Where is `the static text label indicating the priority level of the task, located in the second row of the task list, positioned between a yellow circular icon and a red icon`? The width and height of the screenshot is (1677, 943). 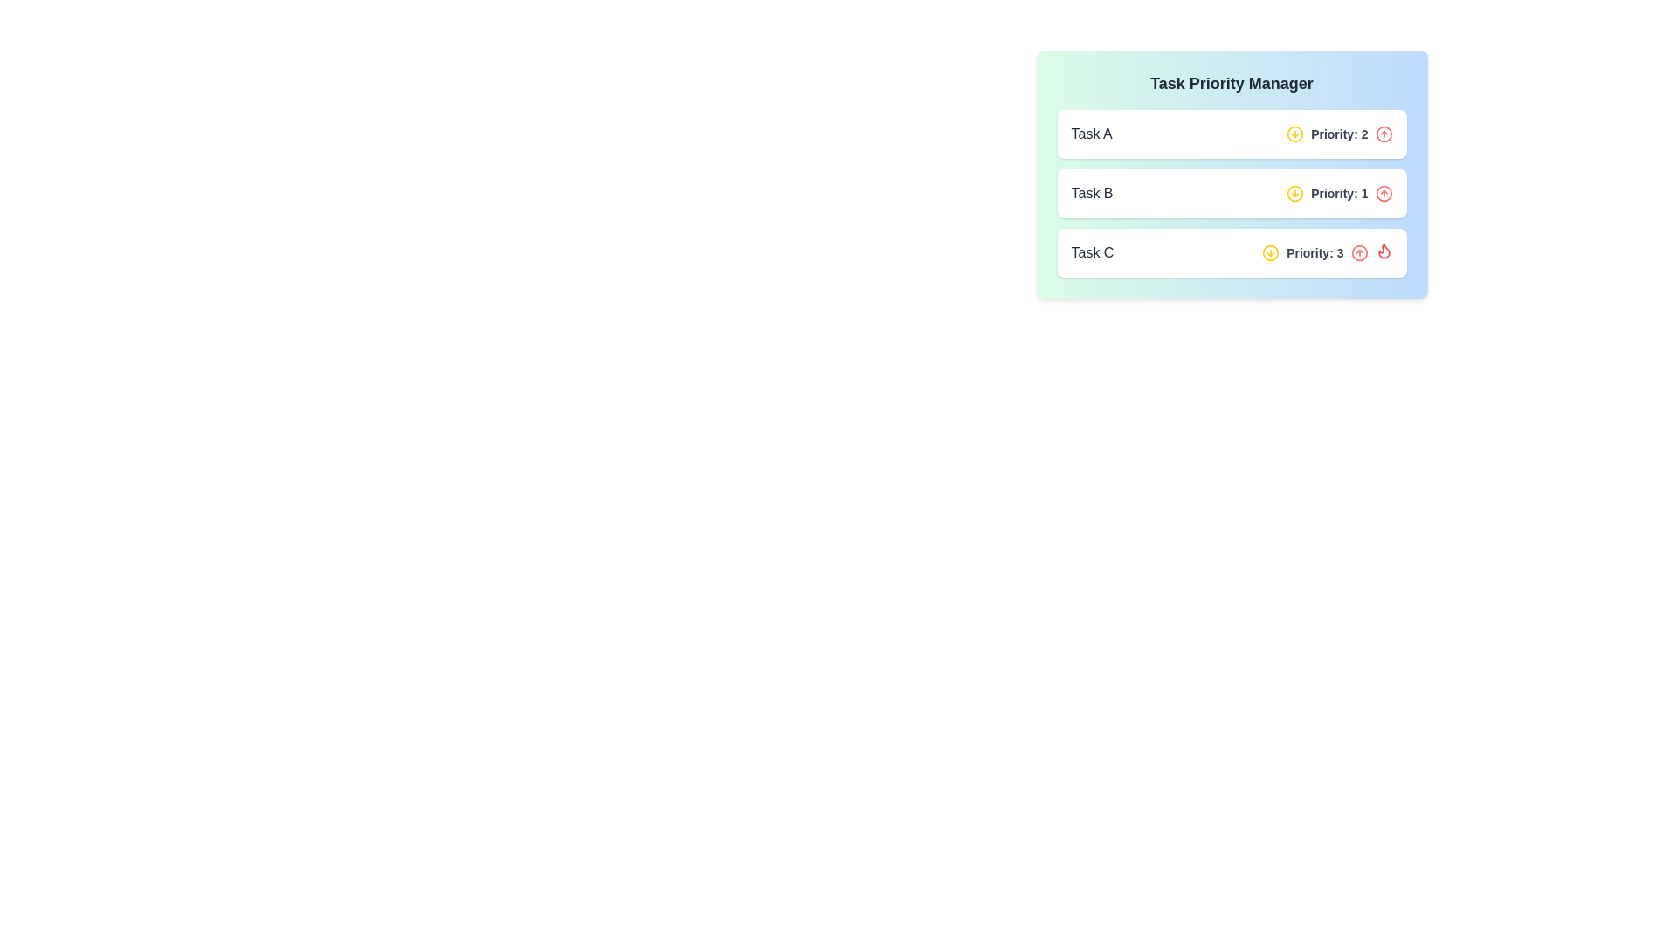 the static text label indicating the priority level of the task, located in the second row of the task list, positioned between a yellow circular icon and a red icon is located at coordinates (1338, 194).